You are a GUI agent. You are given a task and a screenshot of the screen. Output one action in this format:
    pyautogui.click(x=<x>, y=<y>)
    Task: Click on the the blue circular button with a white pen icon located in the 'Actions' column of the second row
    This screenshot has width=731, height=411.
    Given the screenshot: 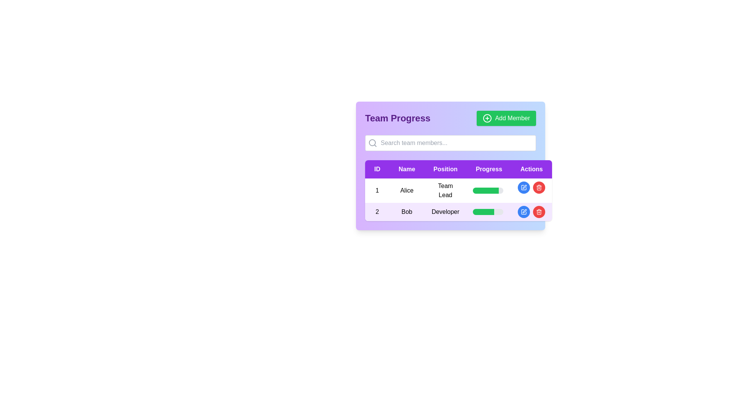 What is the action you would take?
    pyautogui.click(x=524, y=188)
    